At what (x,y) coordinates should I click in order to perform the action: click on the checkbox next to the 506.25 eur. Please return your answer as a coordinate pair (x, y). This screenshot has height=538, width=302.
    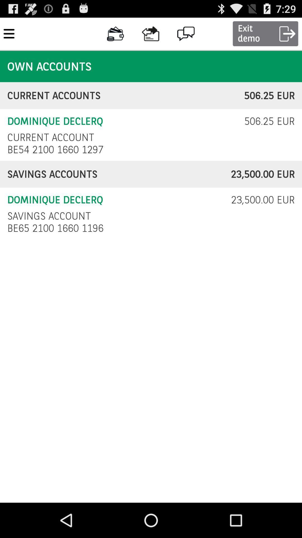
    Looking at the image, I should click on (51, 137).